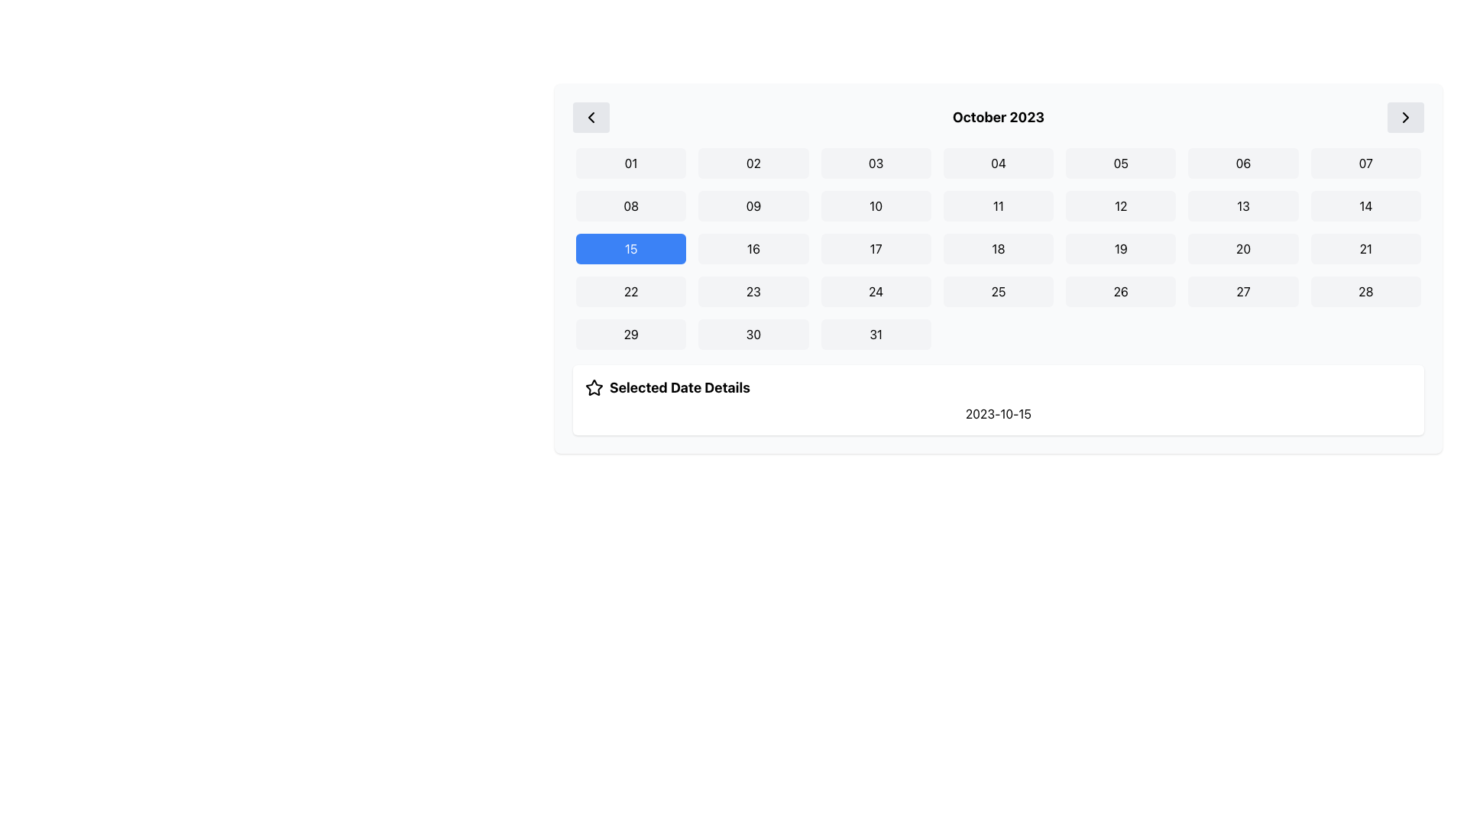 This screenshot has width=1467, height=825. What do you see at coordinates (1365, 163) in the screenshot?
I see `the button labeled '07' in the calendar interface` at bounding box center [1365, 163].